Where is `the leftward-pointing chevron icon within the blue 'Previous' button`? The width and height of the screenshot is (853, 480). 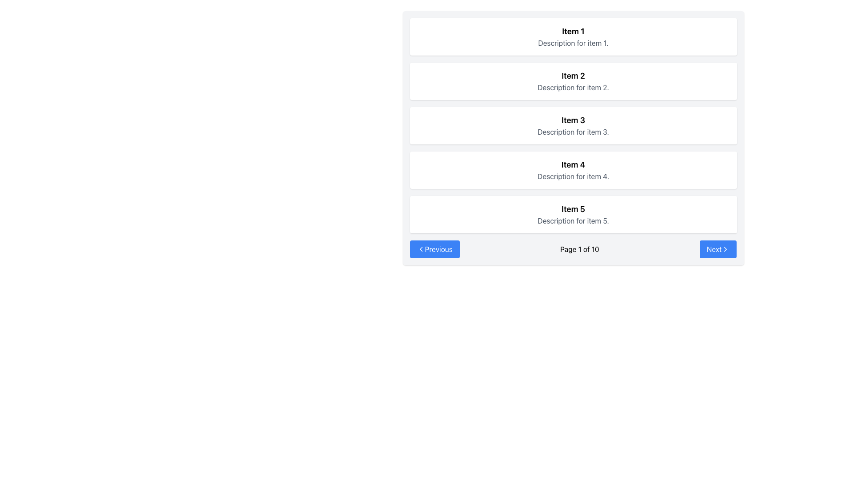
the leftward-pointing chevron icon within the blue 'Previous' button is located at coordinates (420, 249).